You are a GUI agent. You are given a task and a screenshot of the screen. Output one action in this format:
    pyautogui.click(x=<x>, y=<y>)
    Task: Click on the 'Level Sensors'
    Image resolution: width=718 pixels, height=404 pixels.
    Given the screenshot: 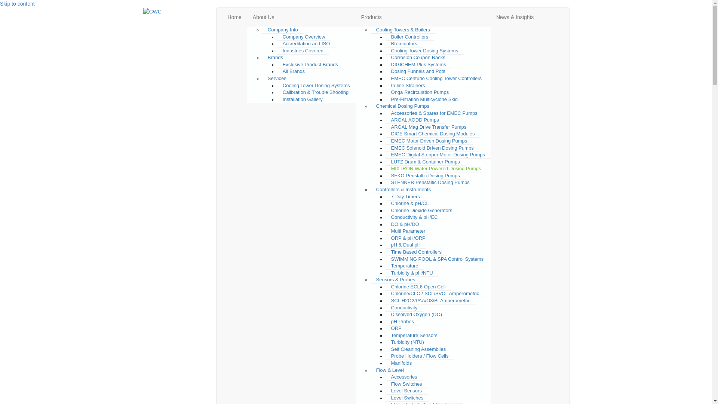 What is the action you would take?
    pyautogui.click(x=386, y=391)
    